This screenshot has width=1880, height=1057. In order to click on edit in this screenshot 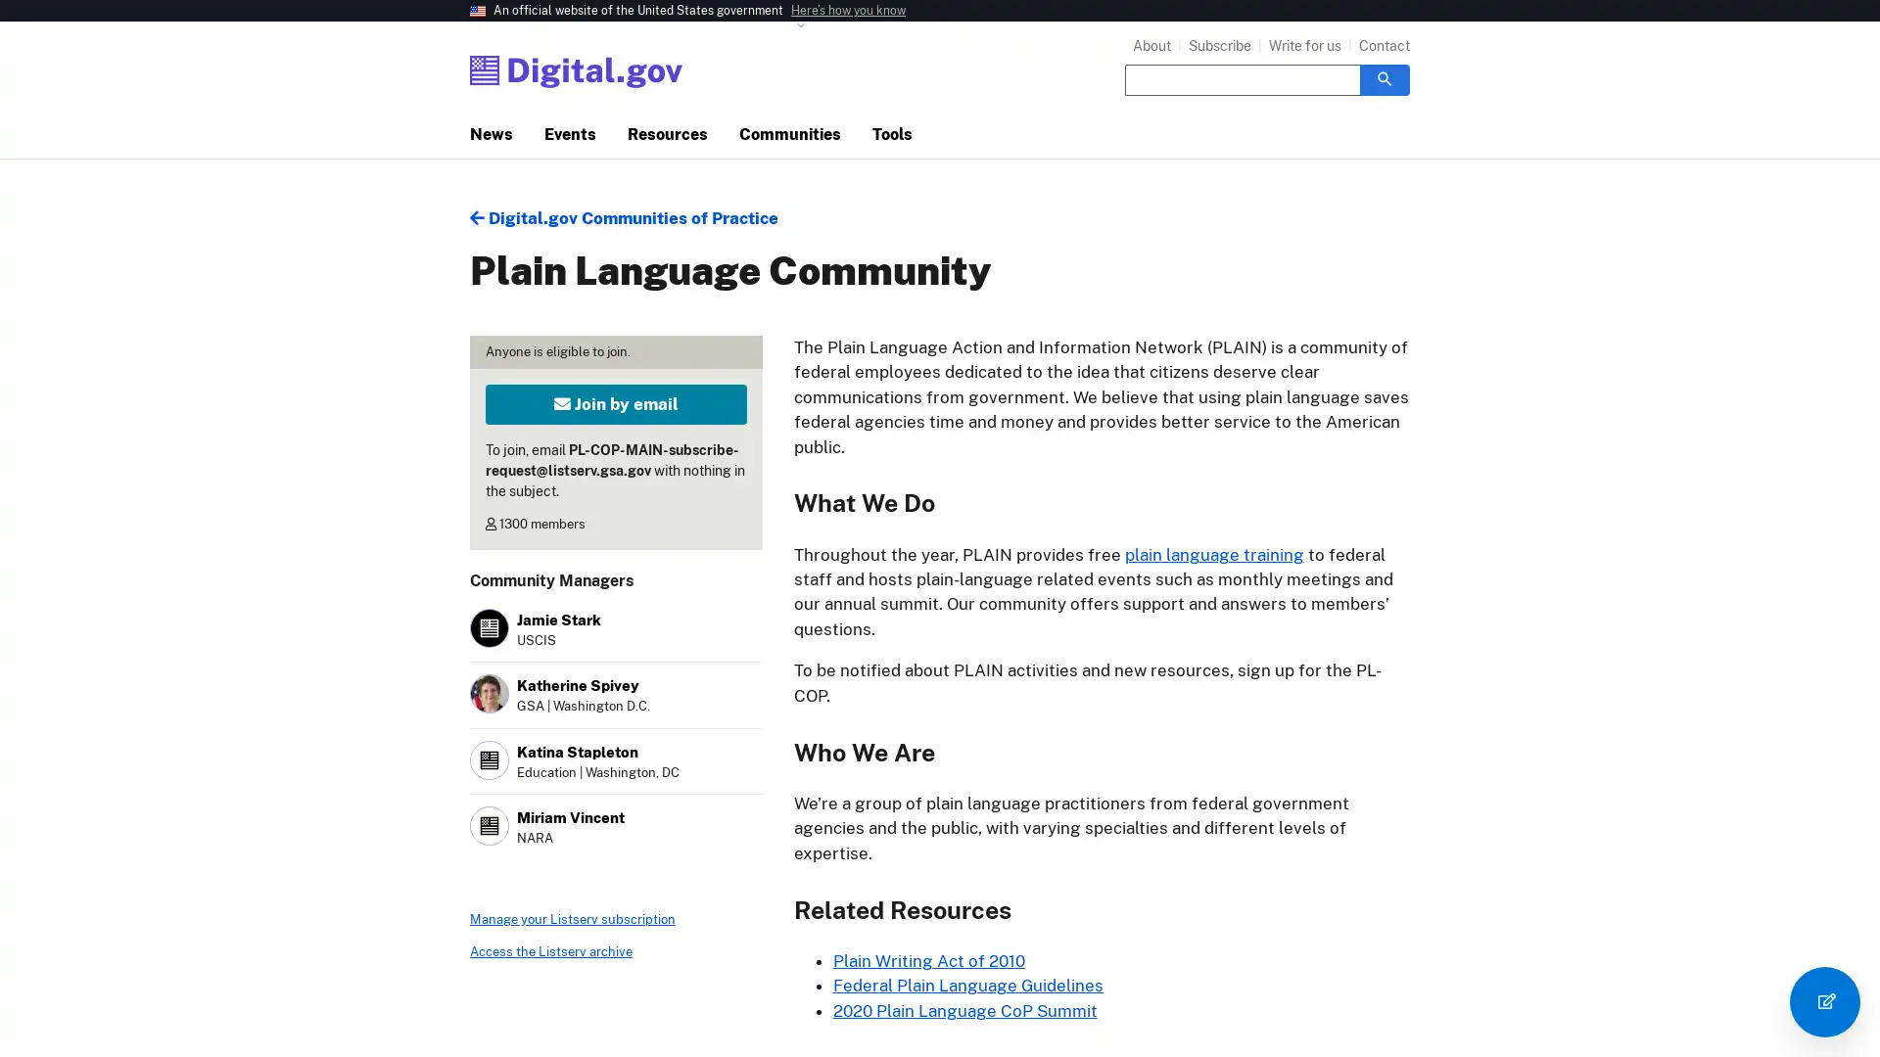, I will do `click(1823, 1001)`.